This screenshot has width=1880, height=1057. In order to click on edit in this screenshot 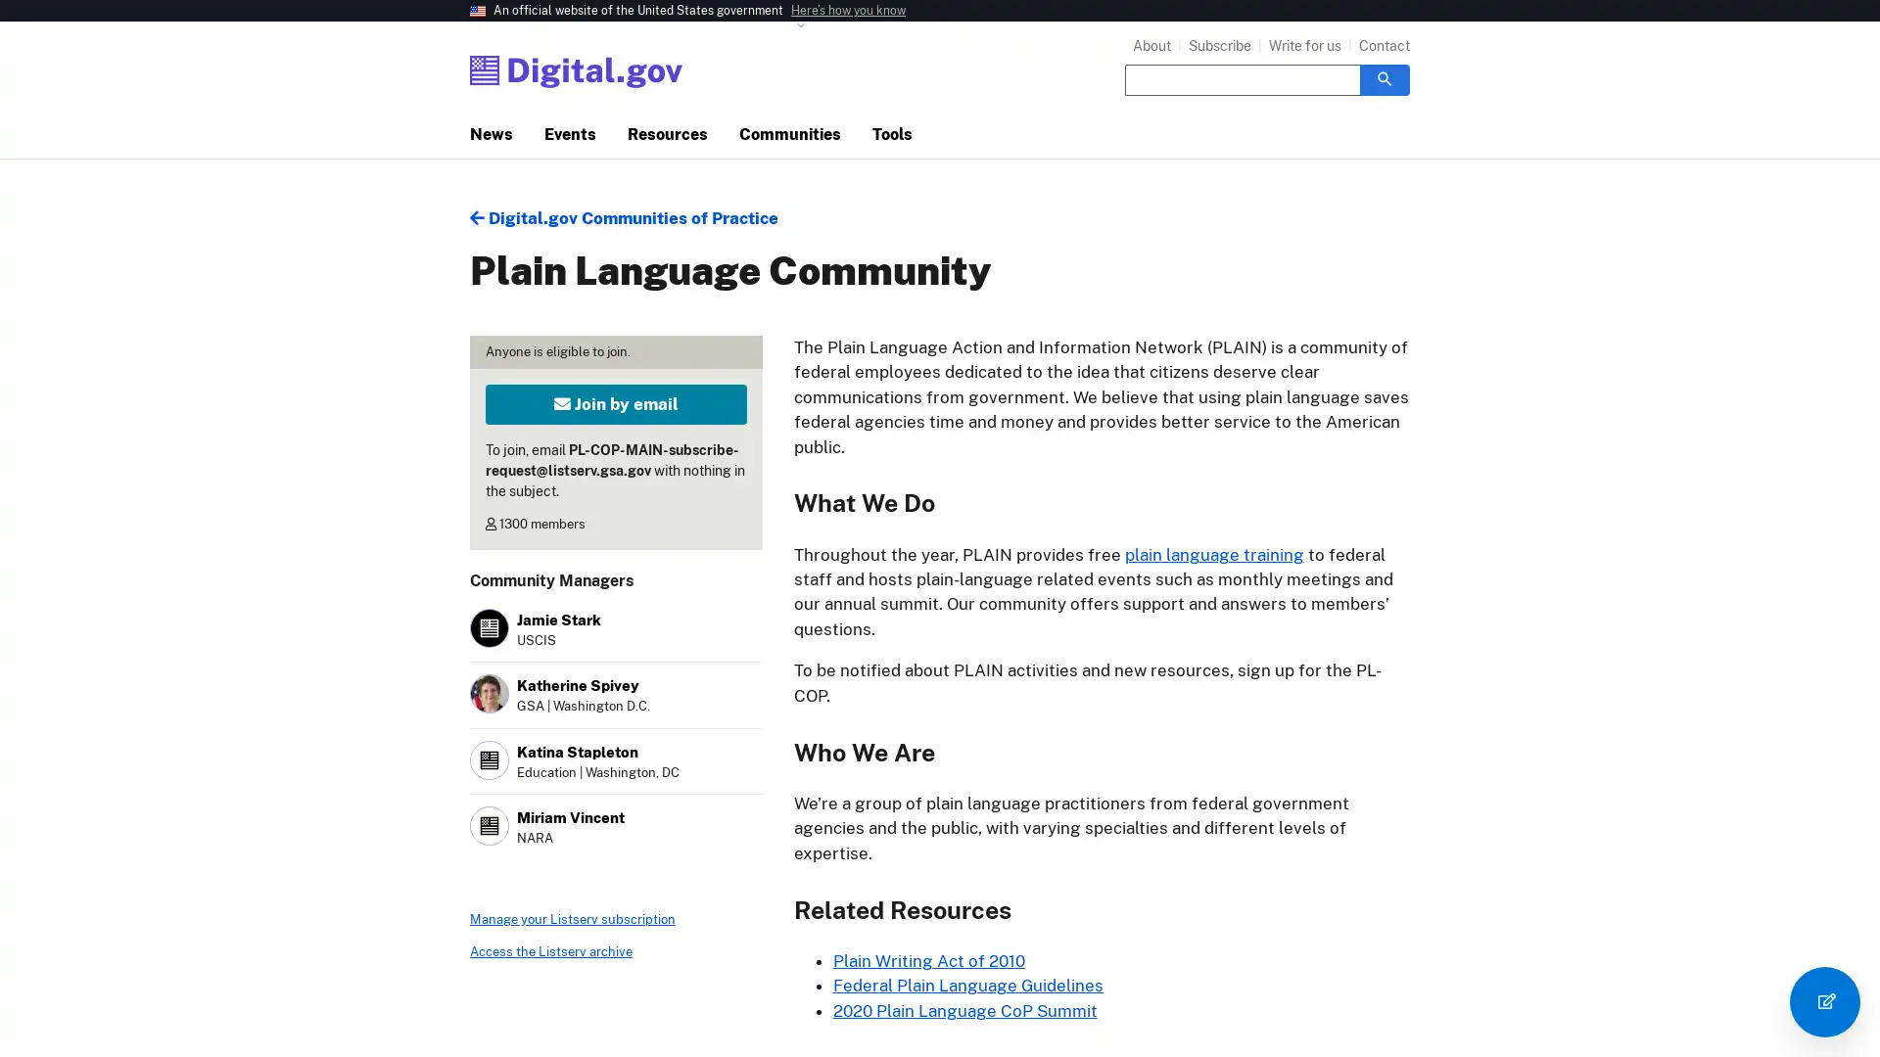, I will do `click(1823, 1001)`.